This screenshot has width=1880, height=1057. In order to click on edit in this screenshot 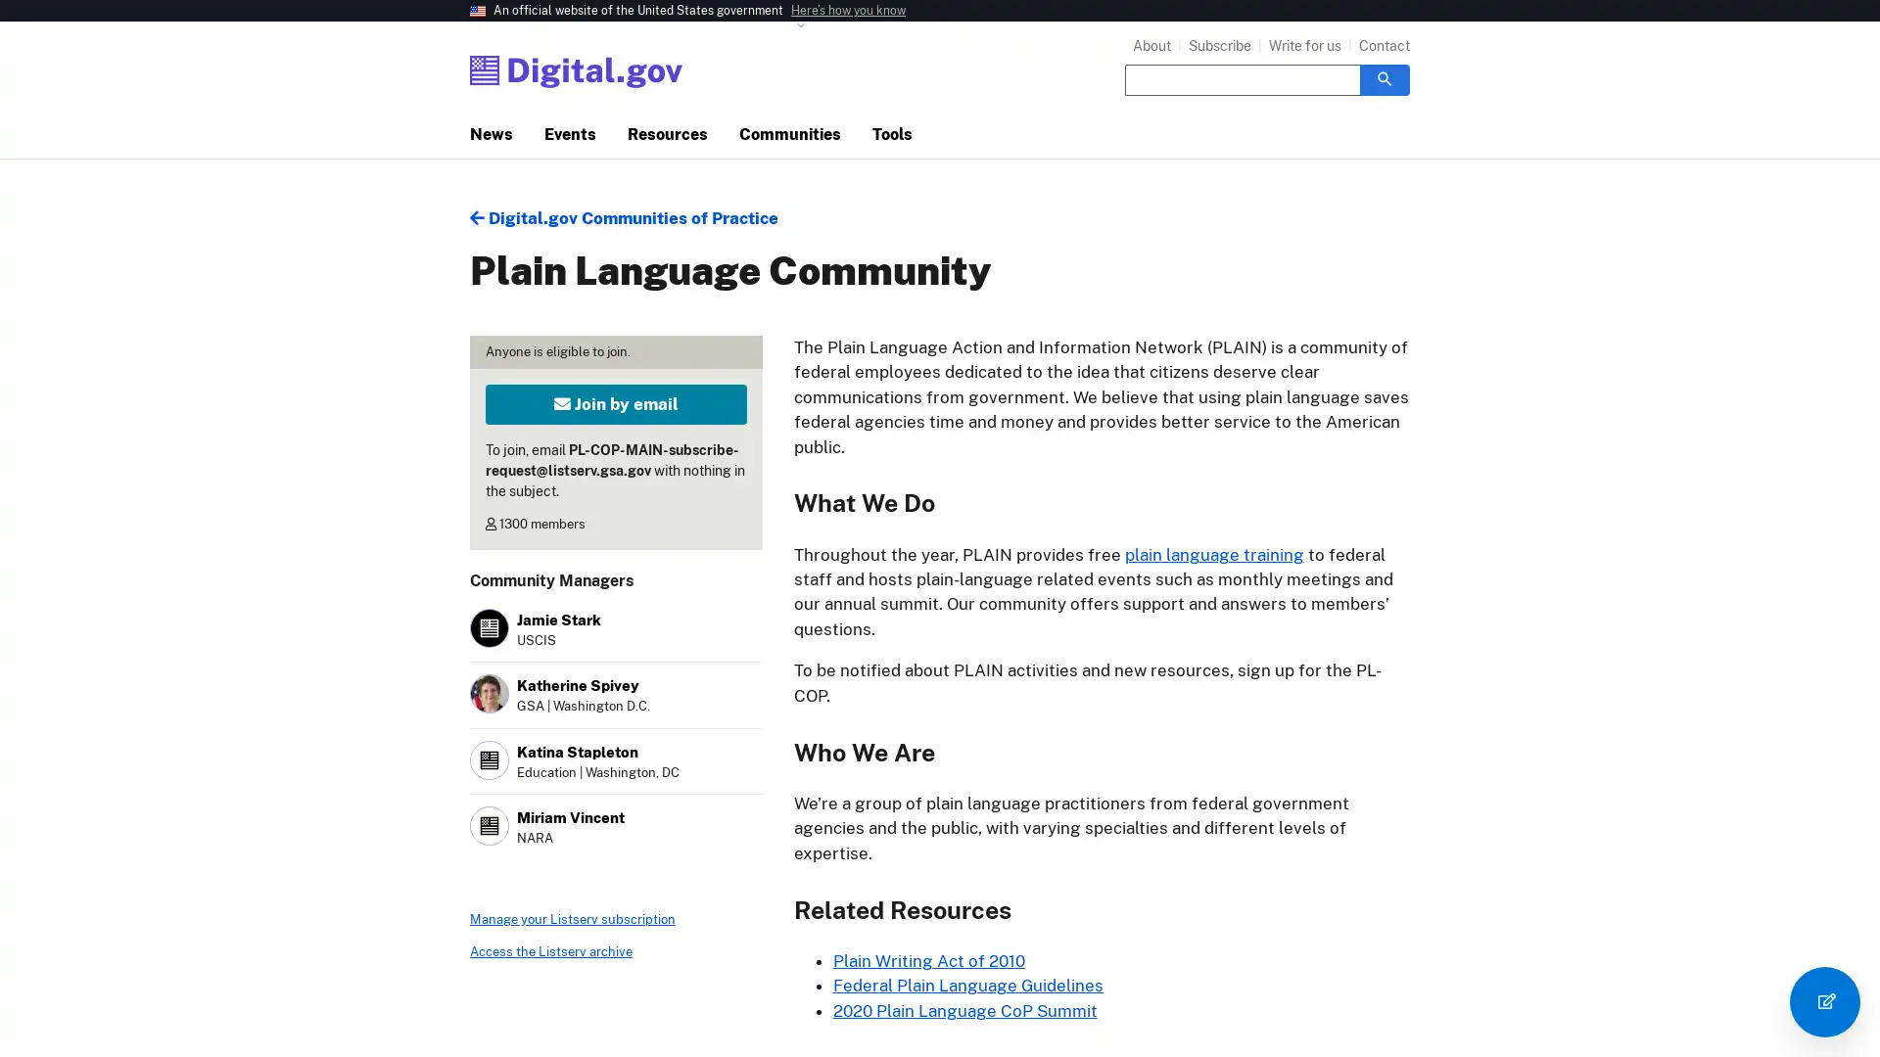, I will do `click(1823, 1001)`.